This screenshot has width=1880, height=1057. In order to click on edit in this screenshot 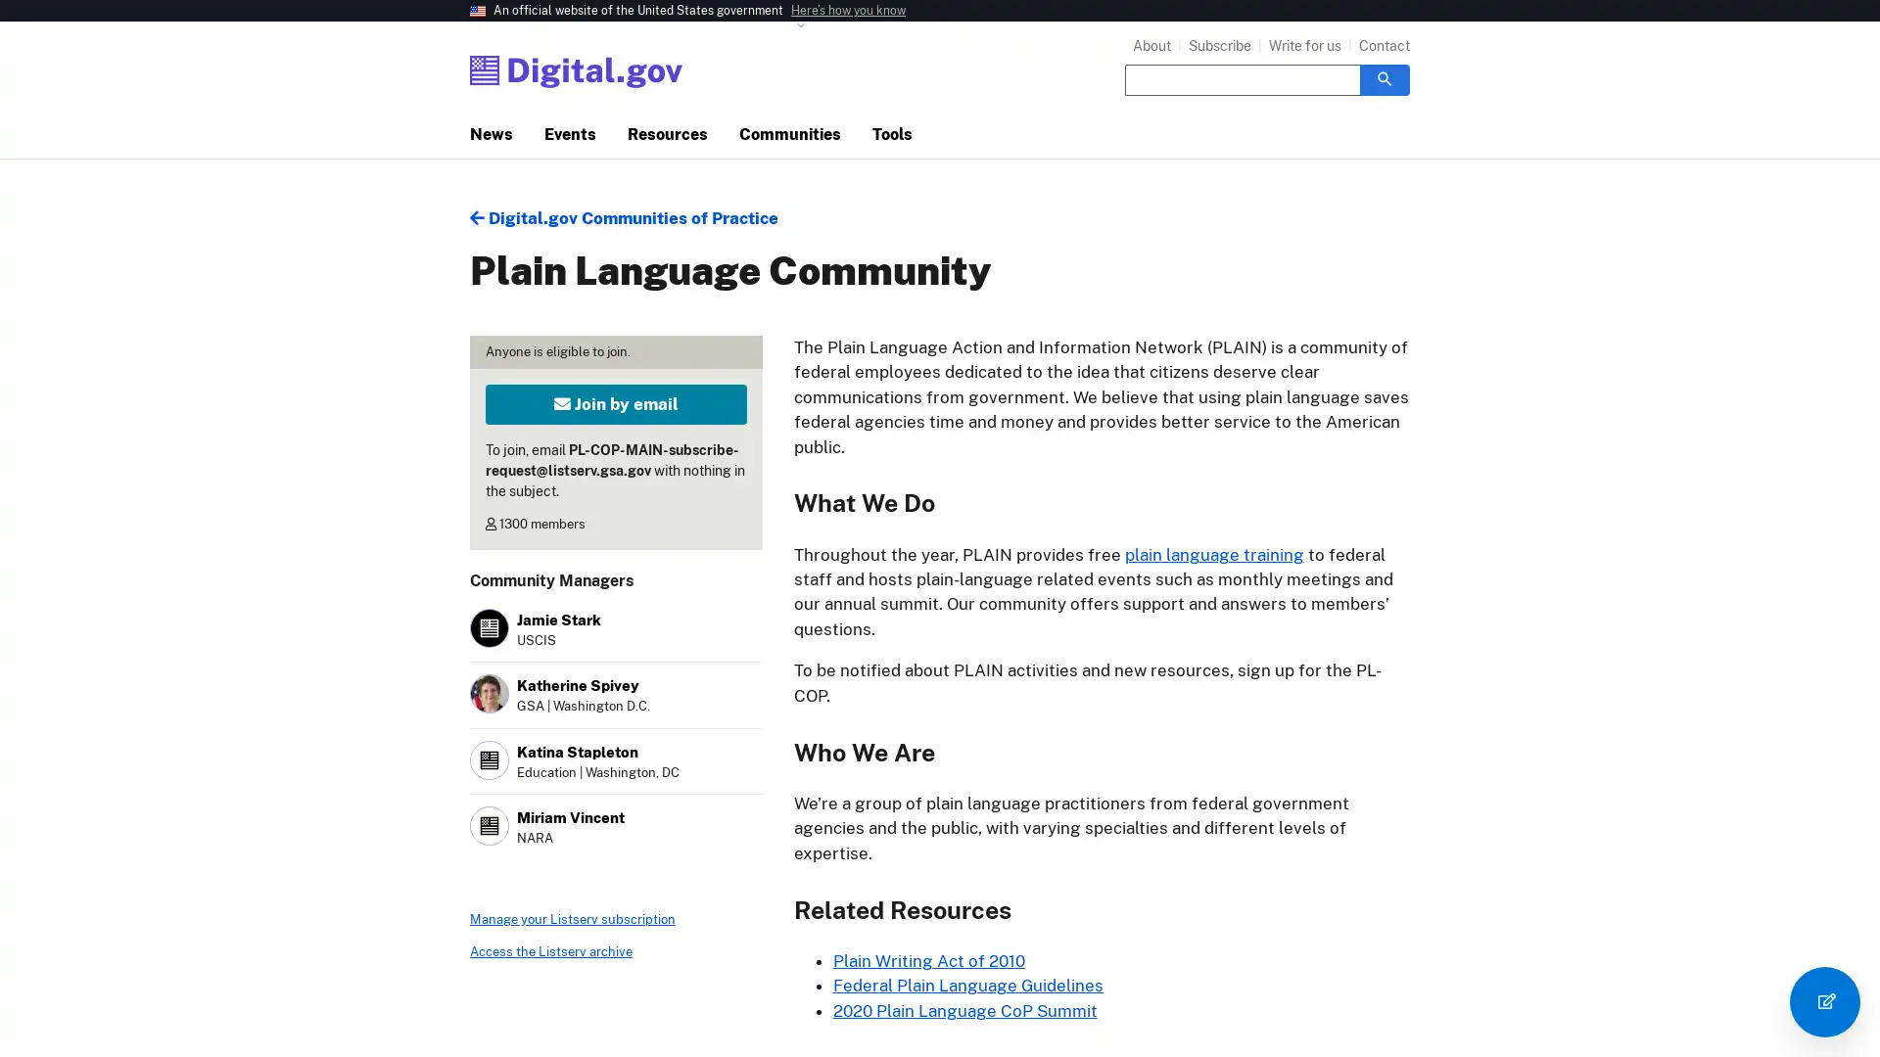, I will do `click(1823, 1001)`.